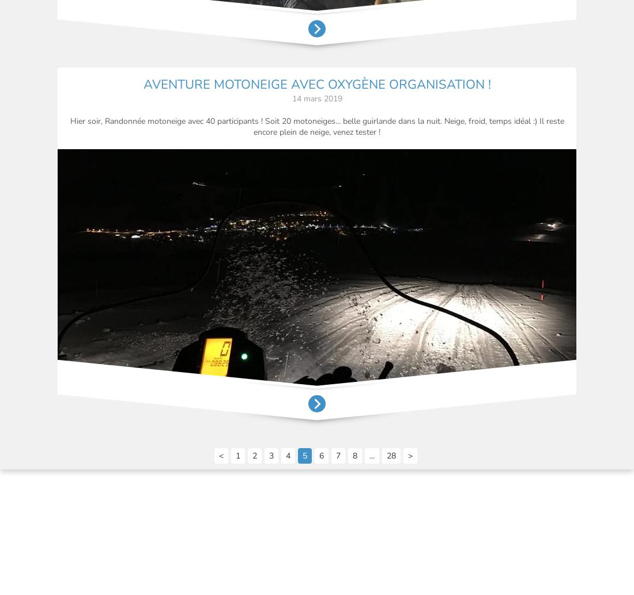 This screenshot has width=634, height=595. I want to click on '6', so click(320, 455).